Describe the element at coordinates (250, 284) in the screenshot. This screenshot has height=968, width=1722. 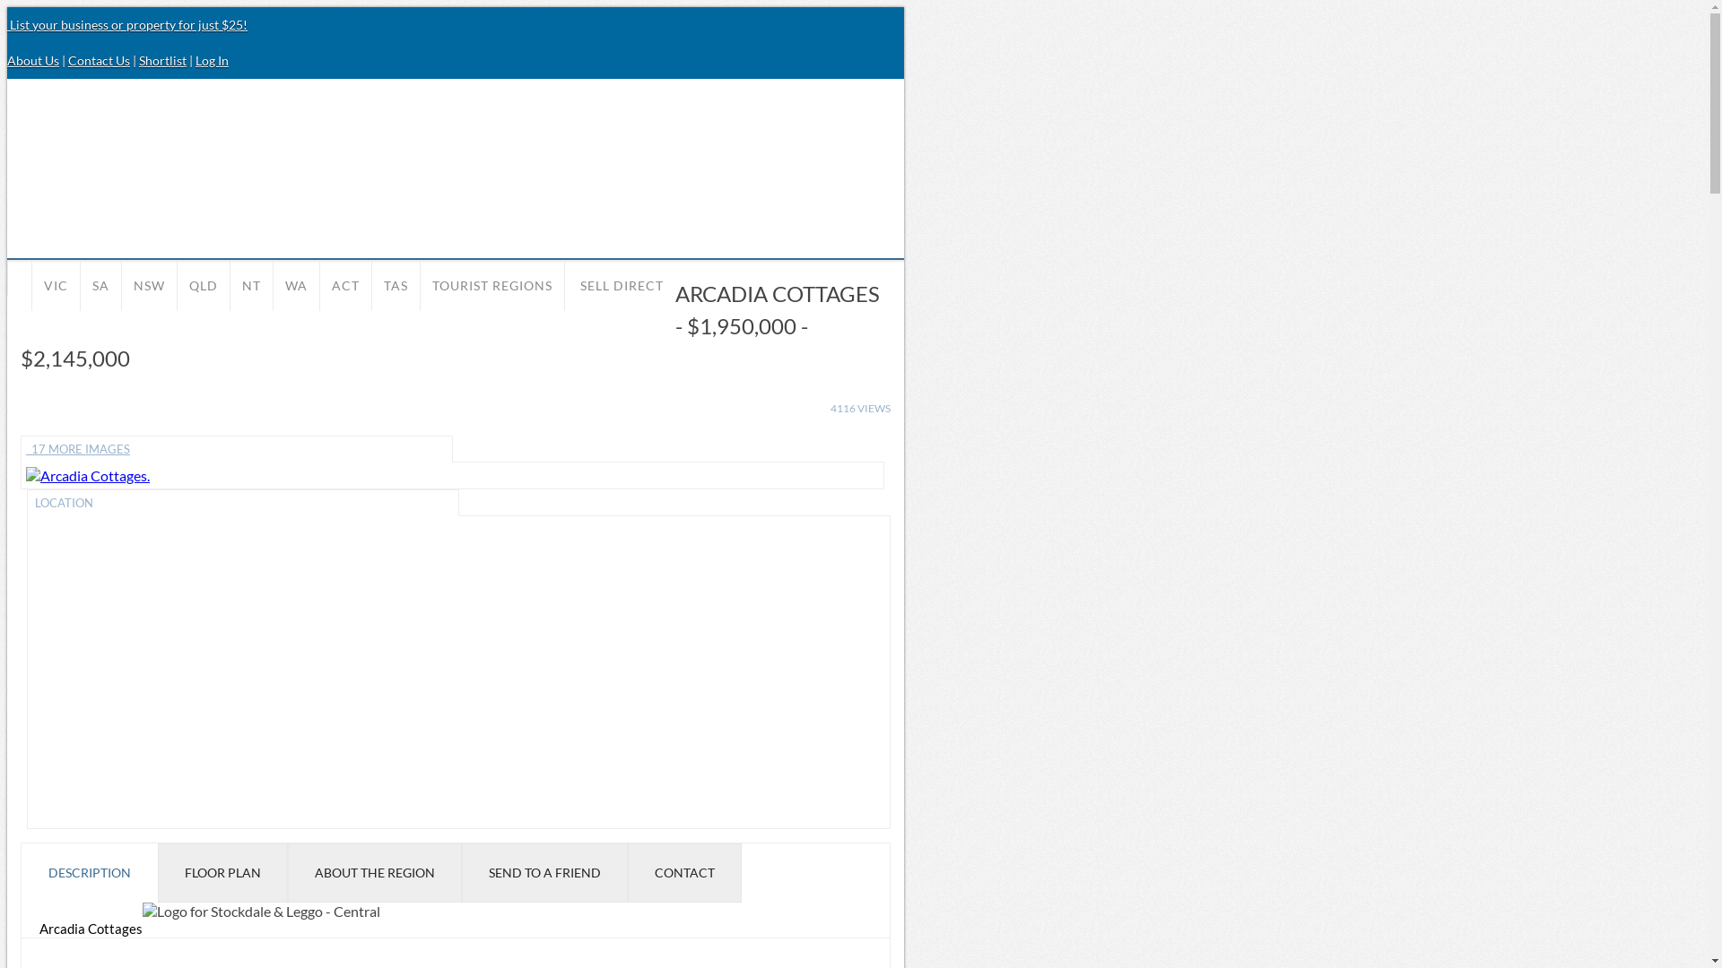
I see `'NT'` at that location.